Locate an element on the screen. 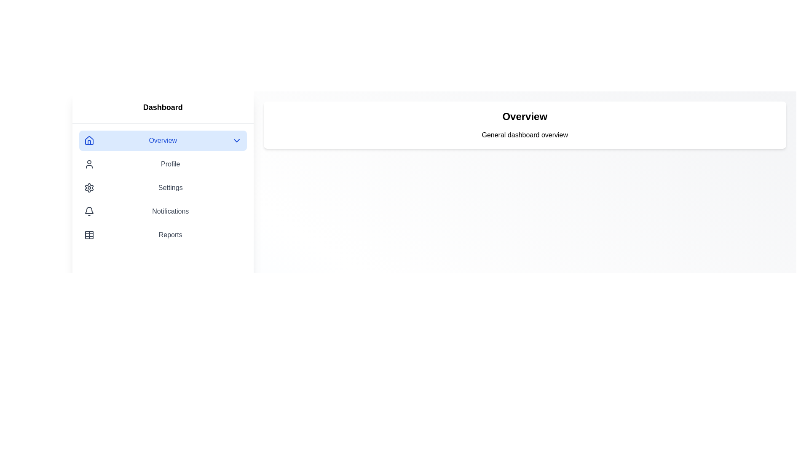 The width and height of the screenshot is (809, 455). the menu item Profile in the sidebar to navigate to its respective content is located at coordinates (163, 164).